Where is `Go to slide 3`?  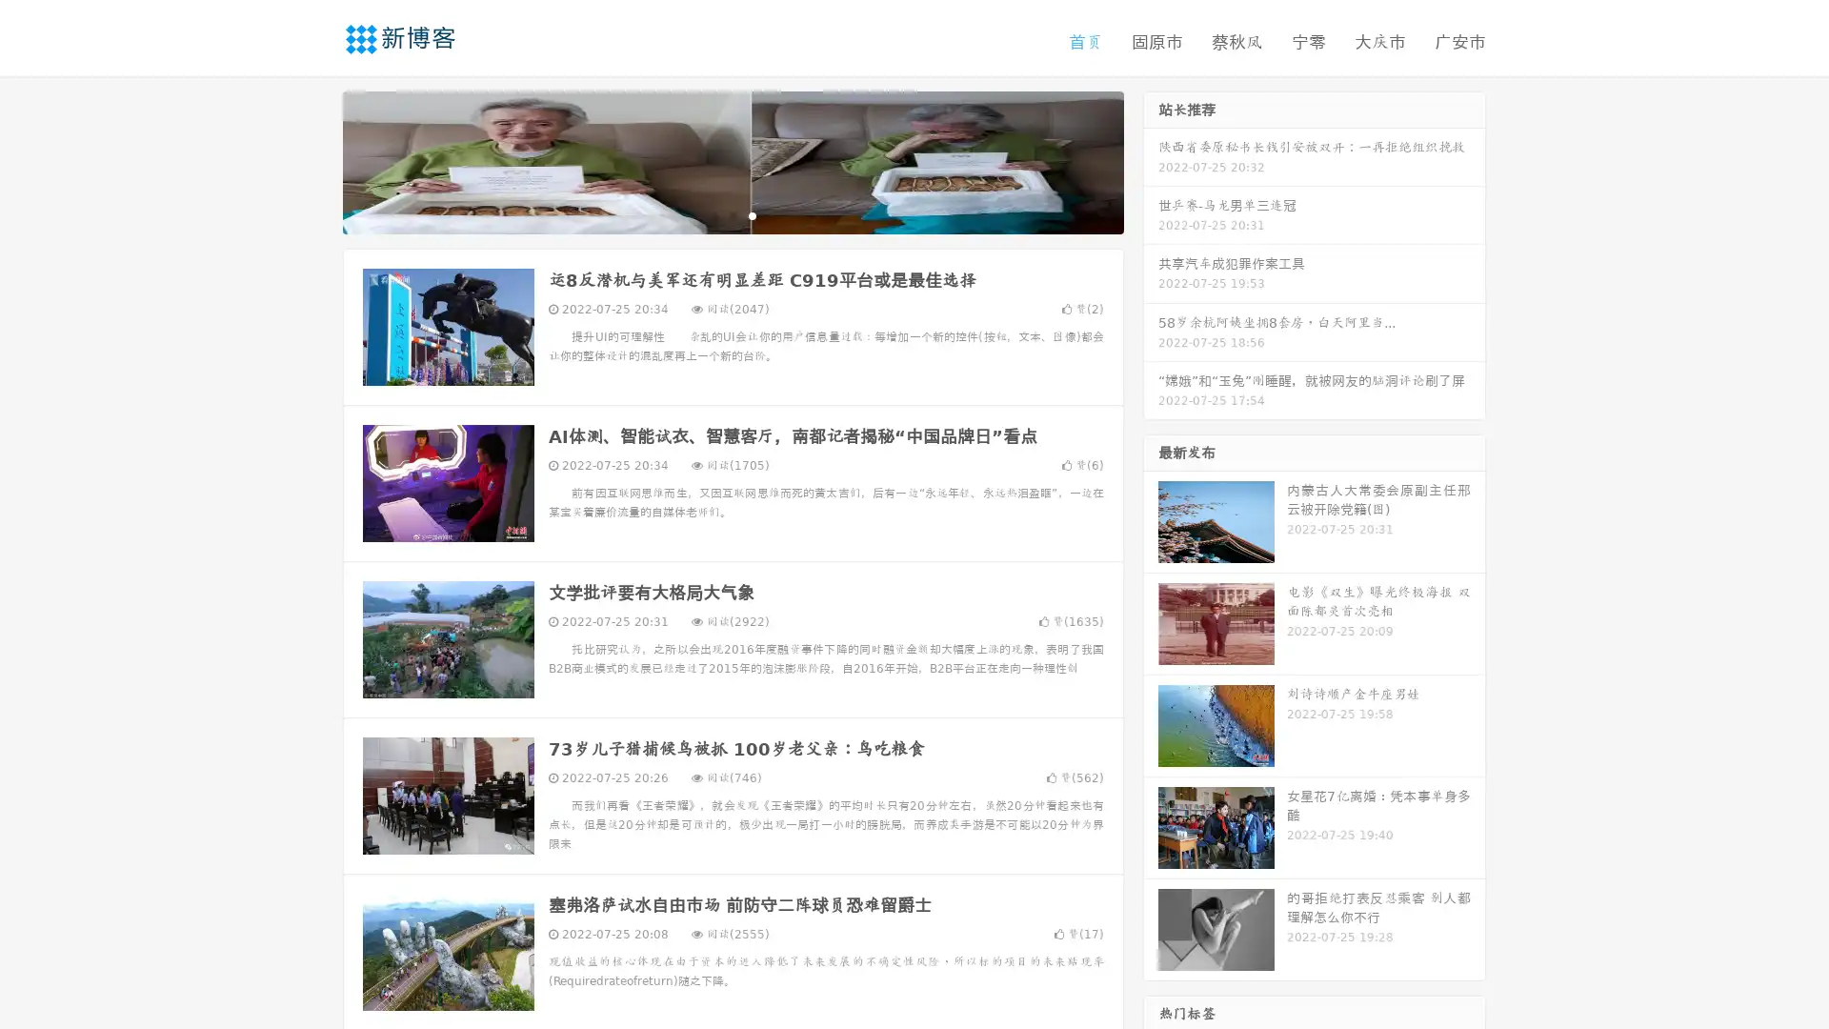
Go to slide 3 is located at coordinates (752, 214).